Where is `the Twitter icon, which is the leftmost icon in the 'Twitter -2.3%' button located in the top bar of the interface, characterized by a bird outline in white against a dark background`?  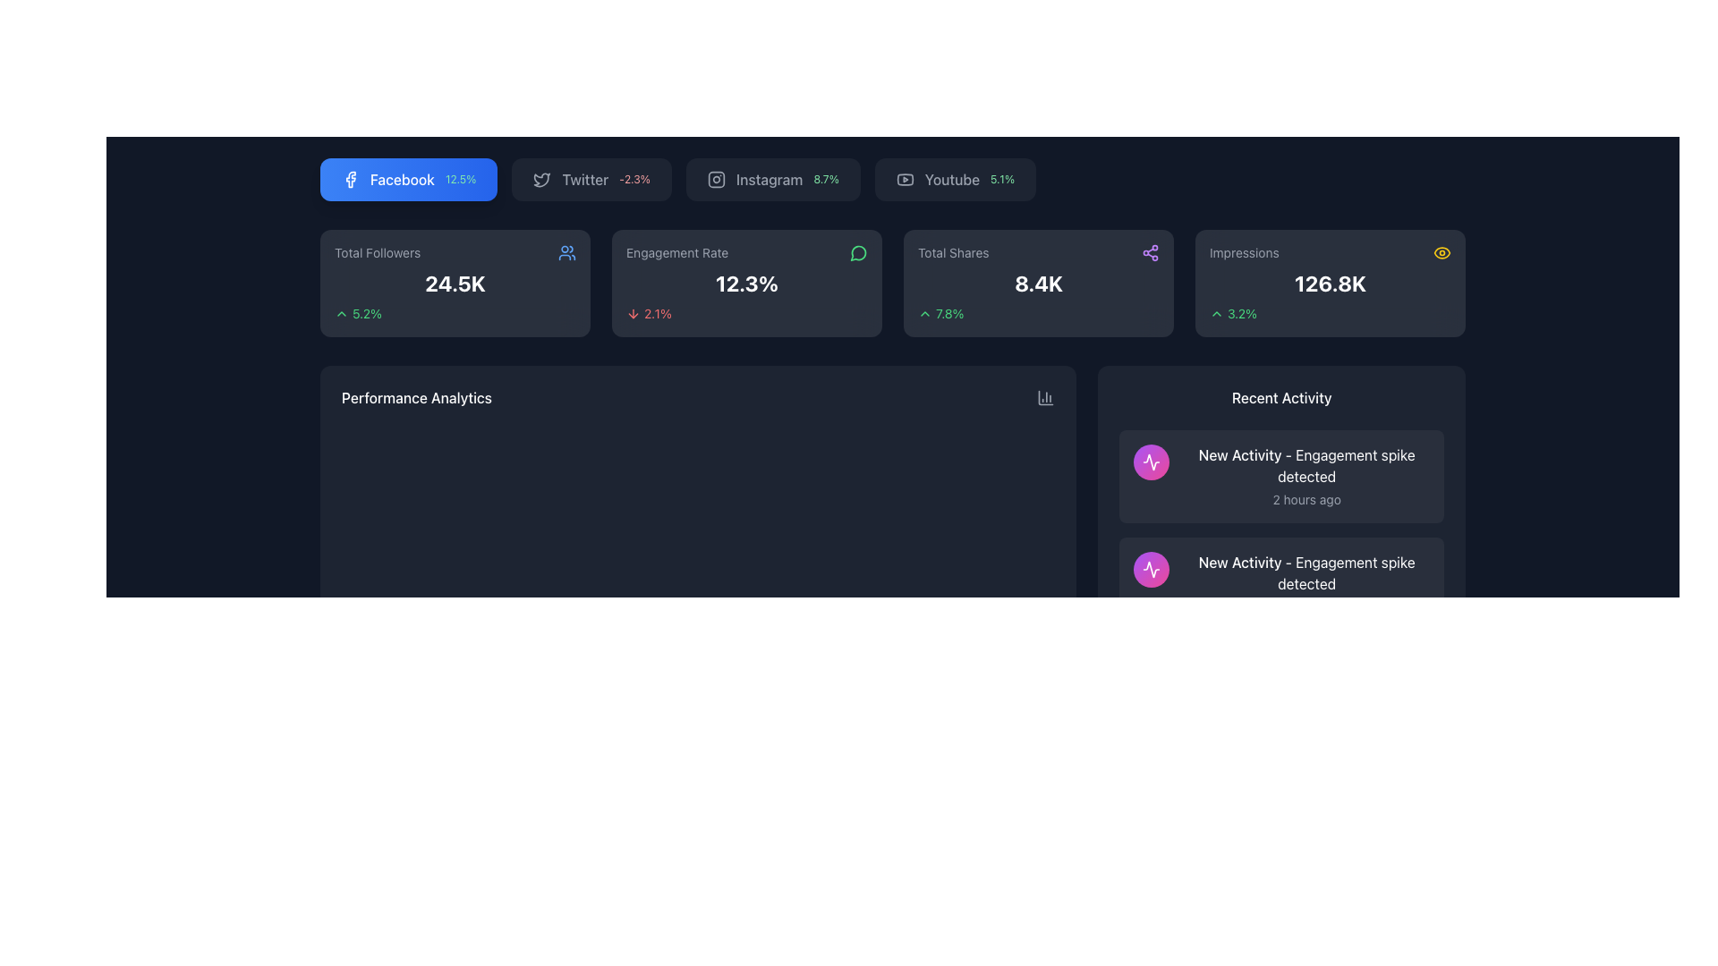 the Twitter icon, which is the leftmost icon in the 'Twitter -2.3%' button located in the top bar of the interface, characterized by a bird outline in white against a dark background is located at coordinates (541, 179).